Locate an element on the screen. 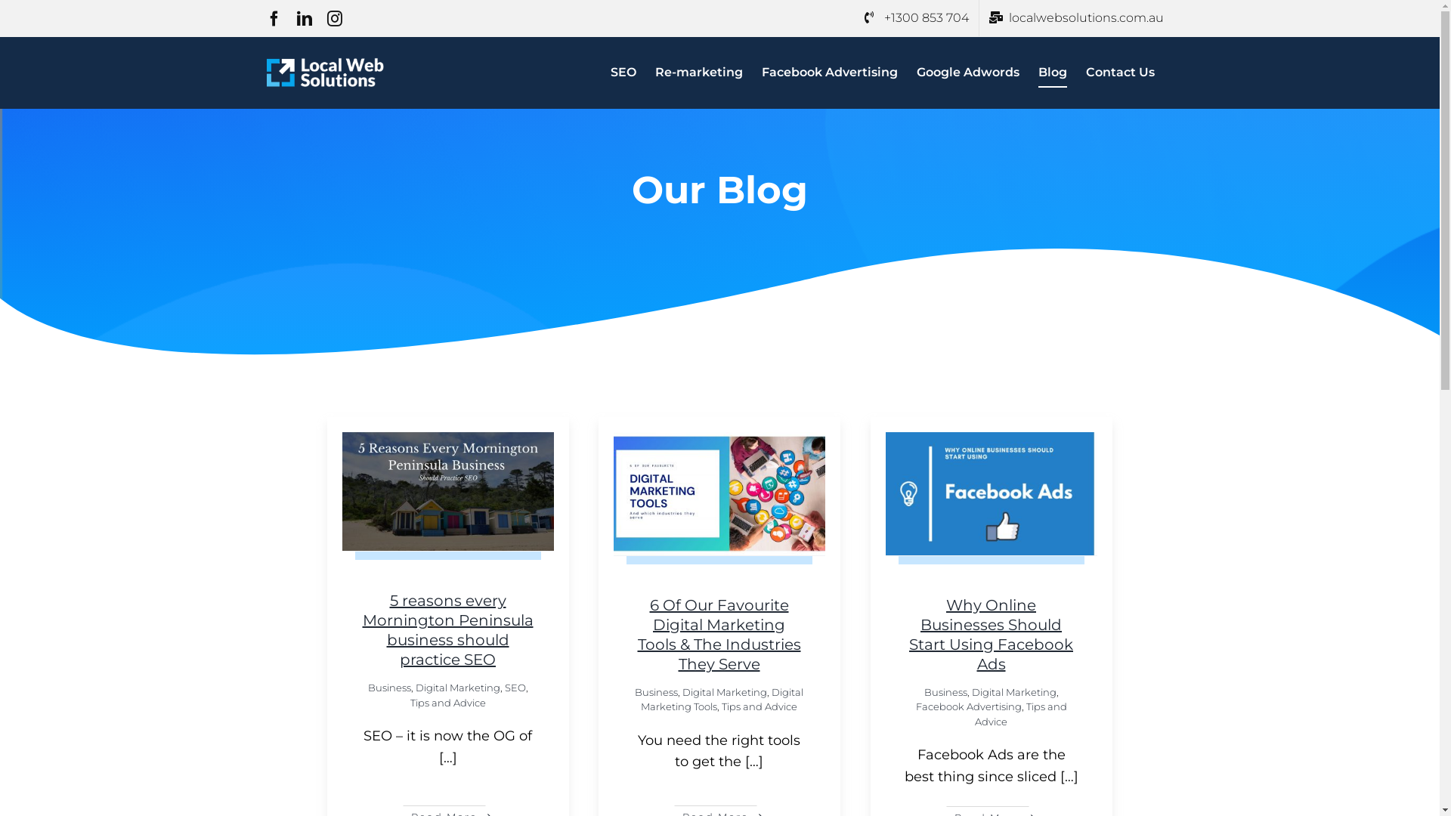 This screenshot has width=1451, height=816. 'Blog' is located at coordinates (1051, 73).